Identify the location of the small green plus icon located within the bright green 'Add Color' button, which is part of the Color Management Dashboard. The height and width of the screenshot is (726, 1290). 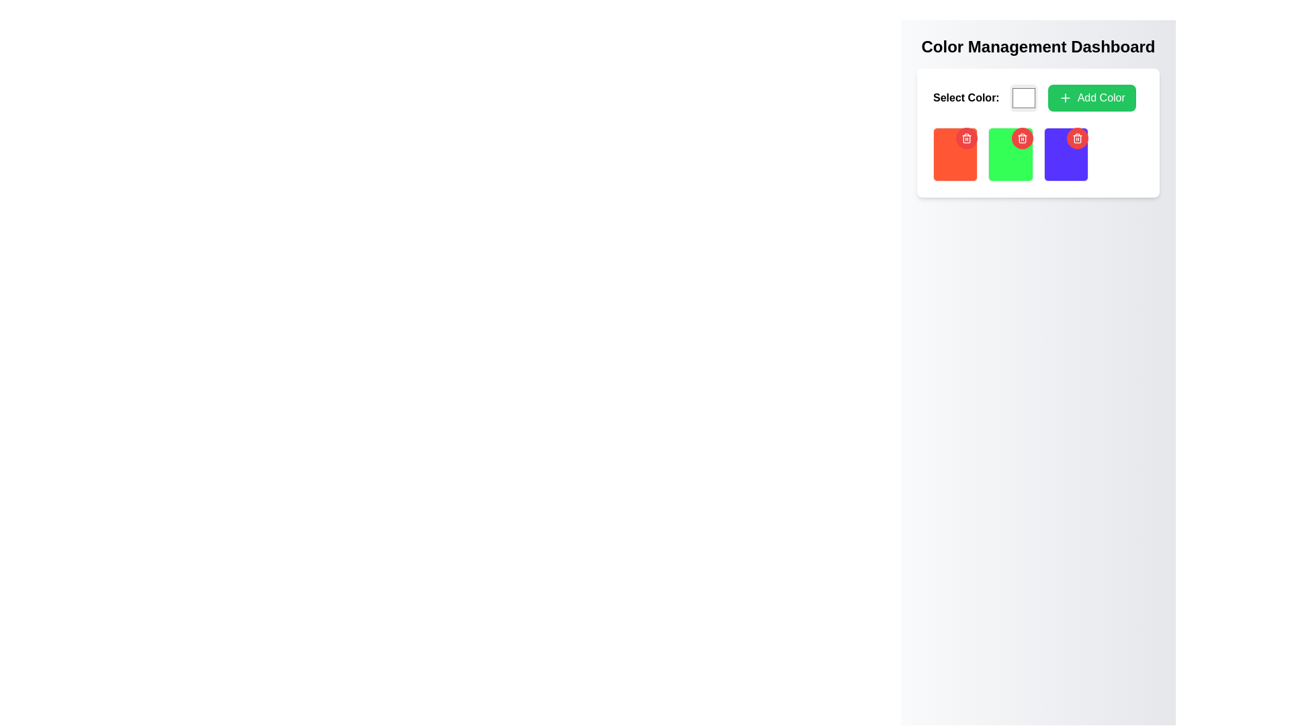
(1064, 97).